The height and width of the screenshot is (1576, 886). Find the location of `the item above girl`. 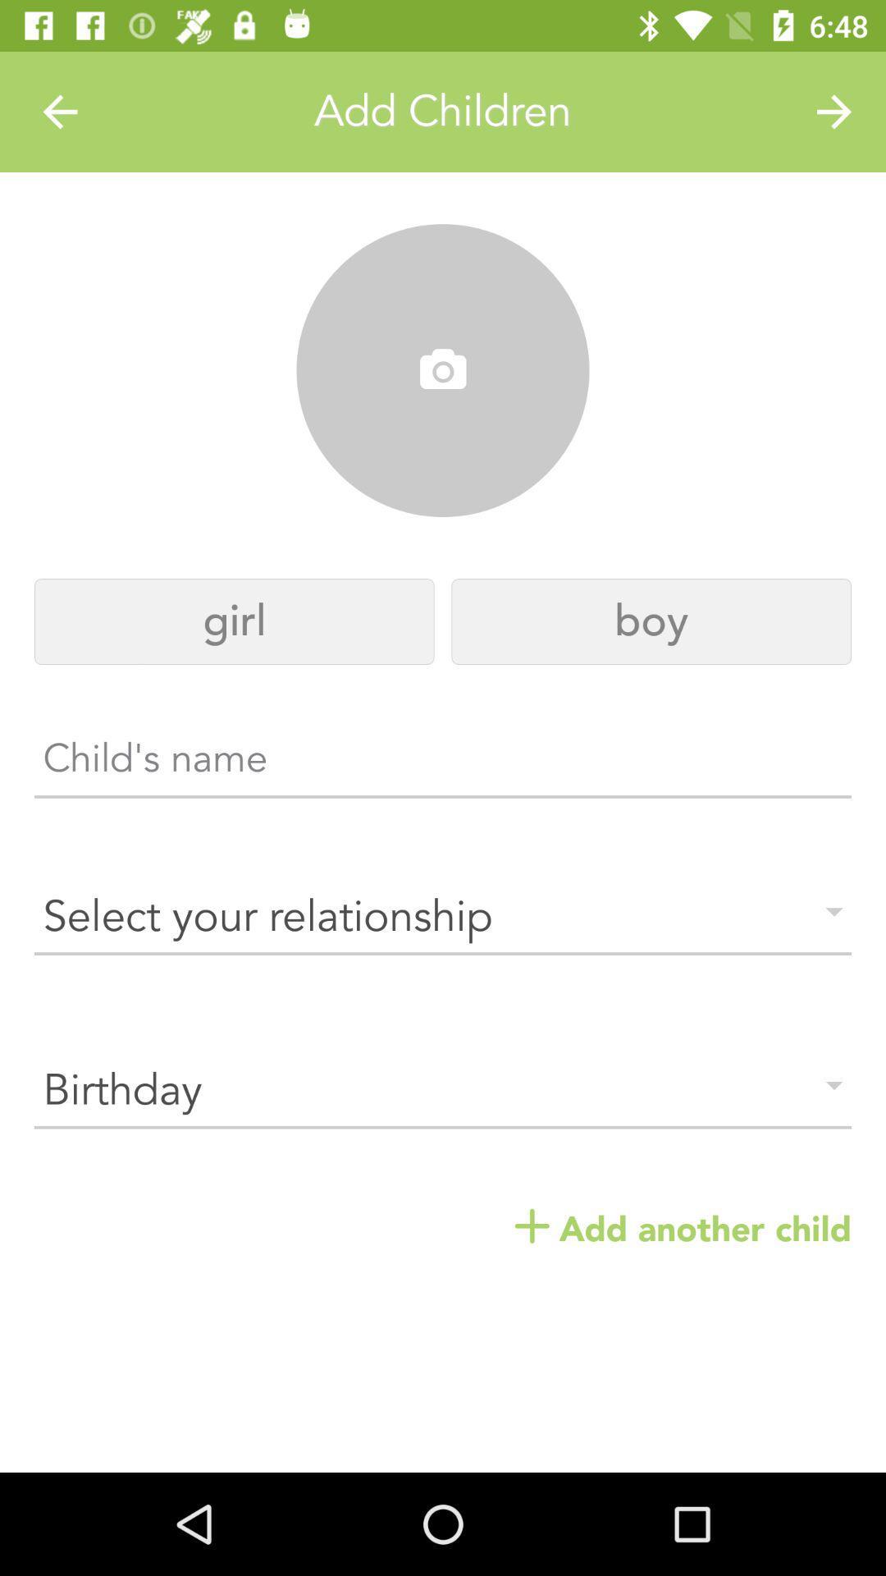

the item above girl is located at coordinates (443, 370).